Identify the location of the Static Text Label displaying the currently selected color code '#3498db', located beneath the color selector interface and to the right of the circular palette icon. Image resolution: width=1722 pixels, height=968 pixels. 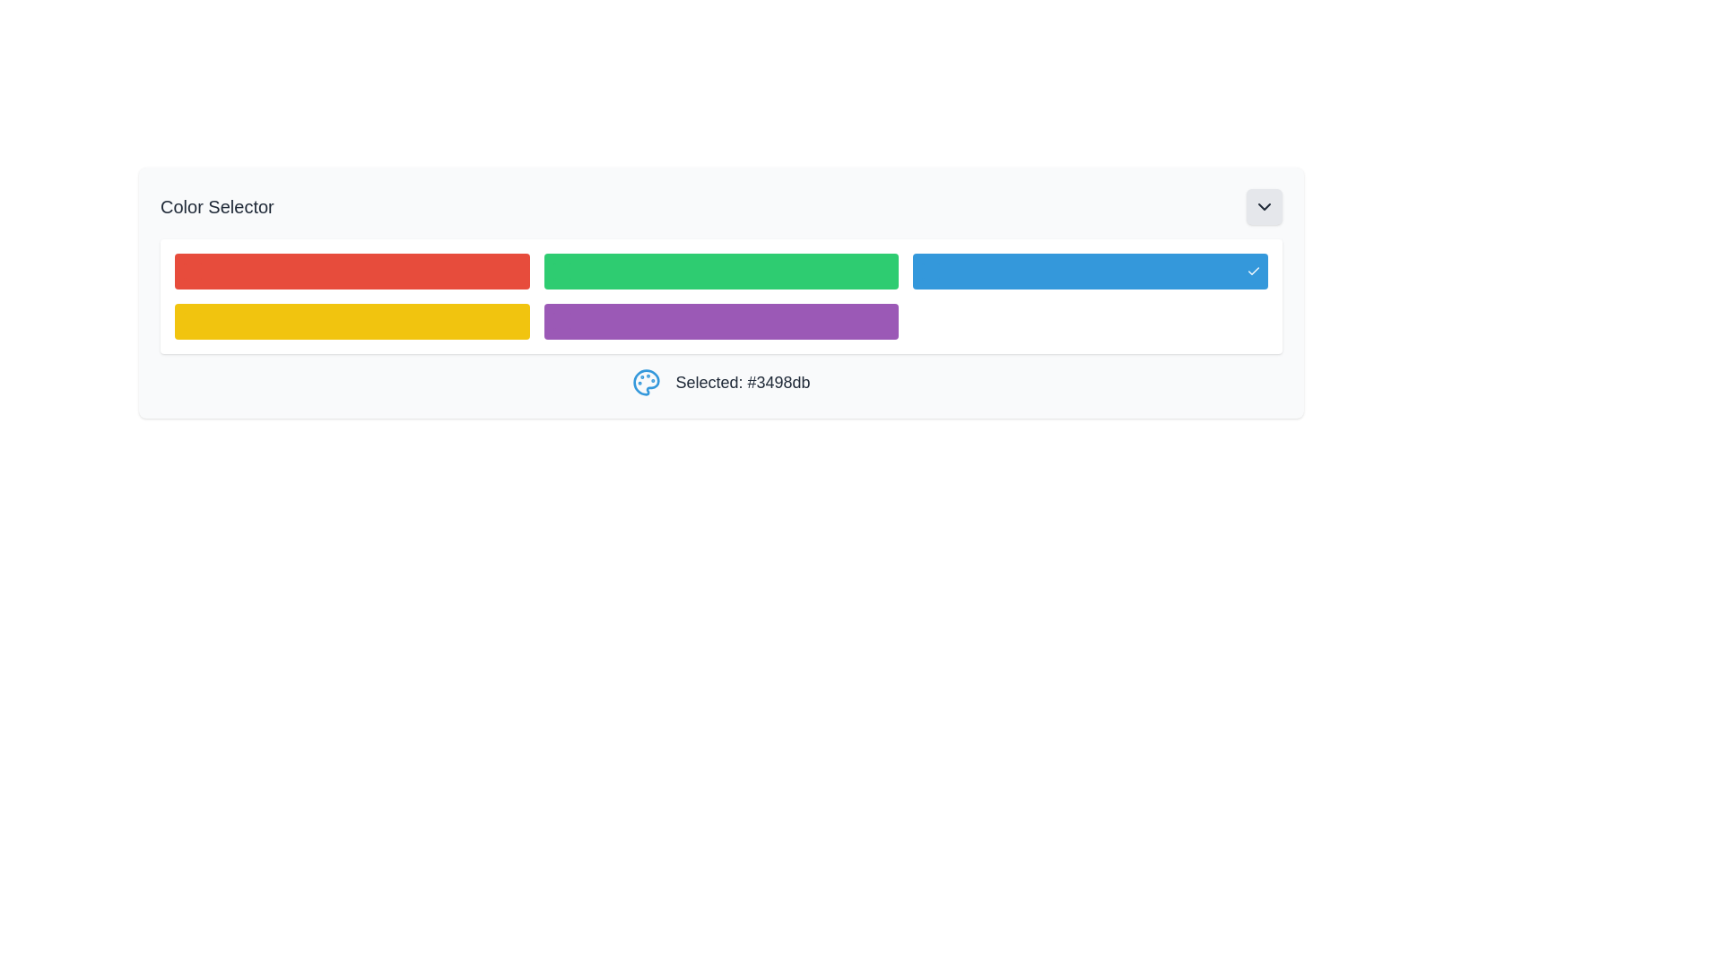
(743, 382).